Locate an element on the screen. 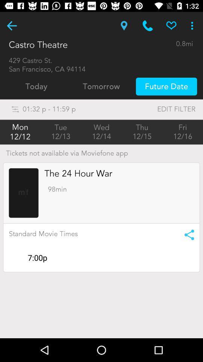 The image size is (203, 362). loads the movie 's profile is located at coordinates (24, 192).